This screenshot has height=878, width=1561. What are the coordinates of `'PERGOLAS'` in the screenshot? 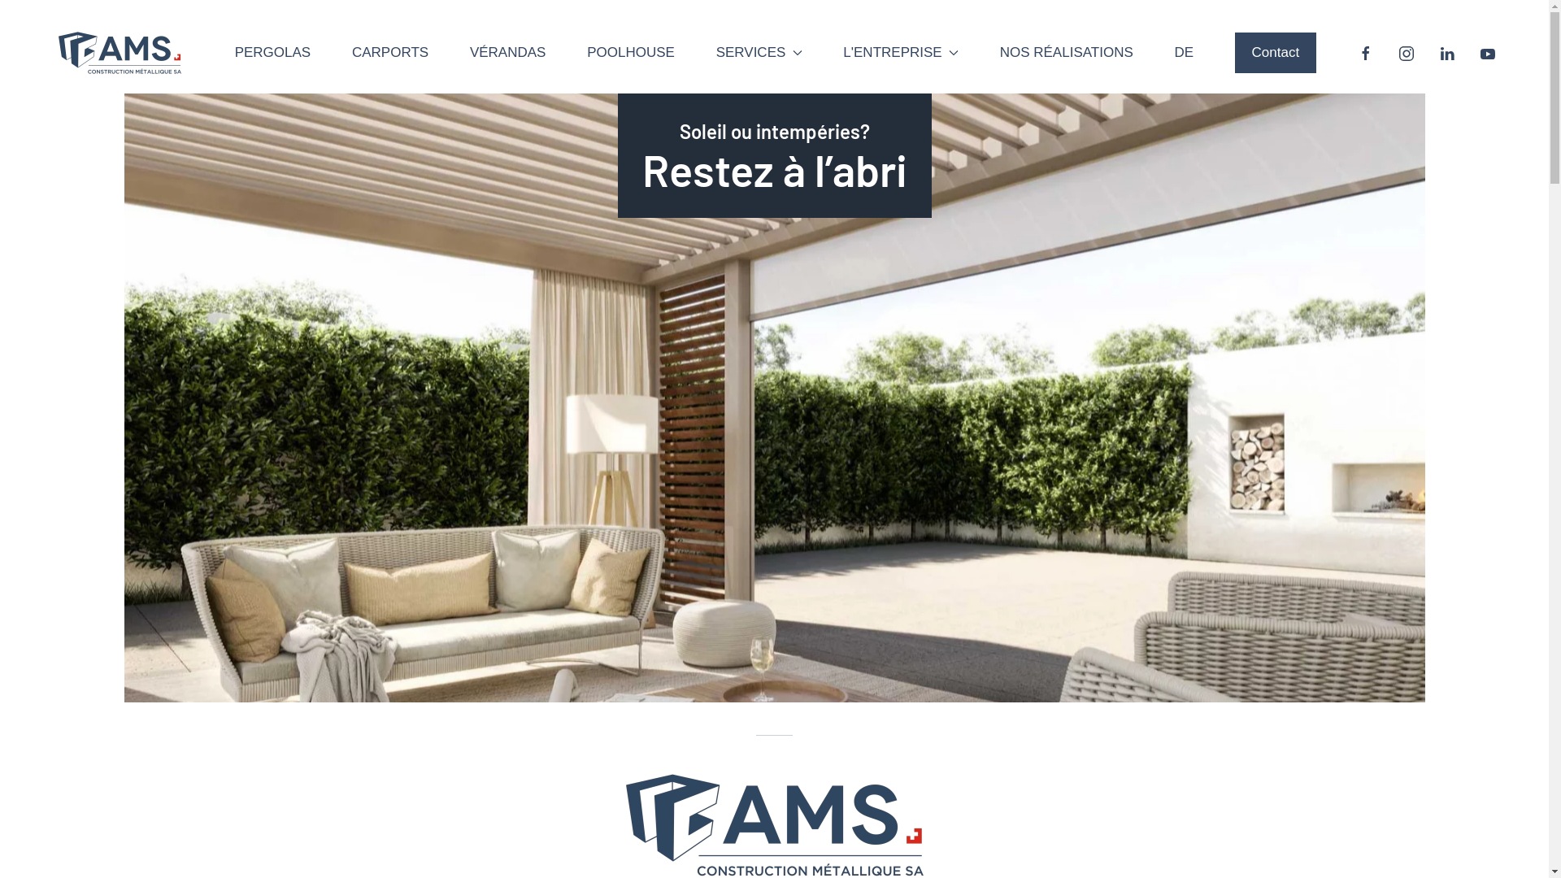 It's located at (233, 52).